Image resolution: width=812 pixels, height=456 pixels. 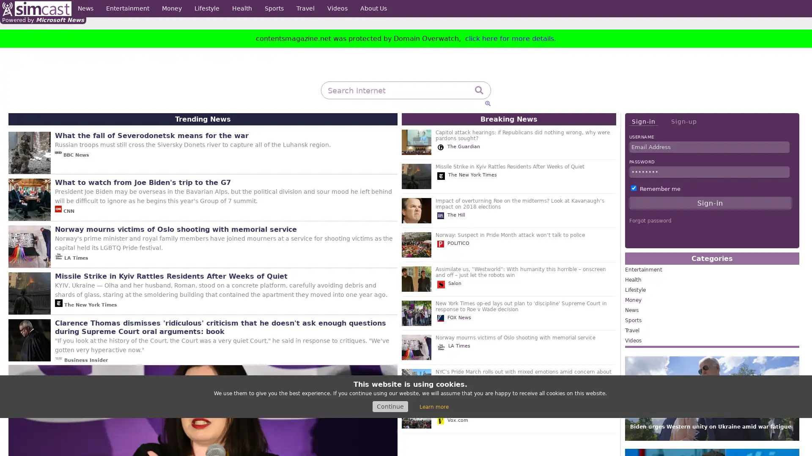 I want to click on Sign-in, so click(x=710, y=203).